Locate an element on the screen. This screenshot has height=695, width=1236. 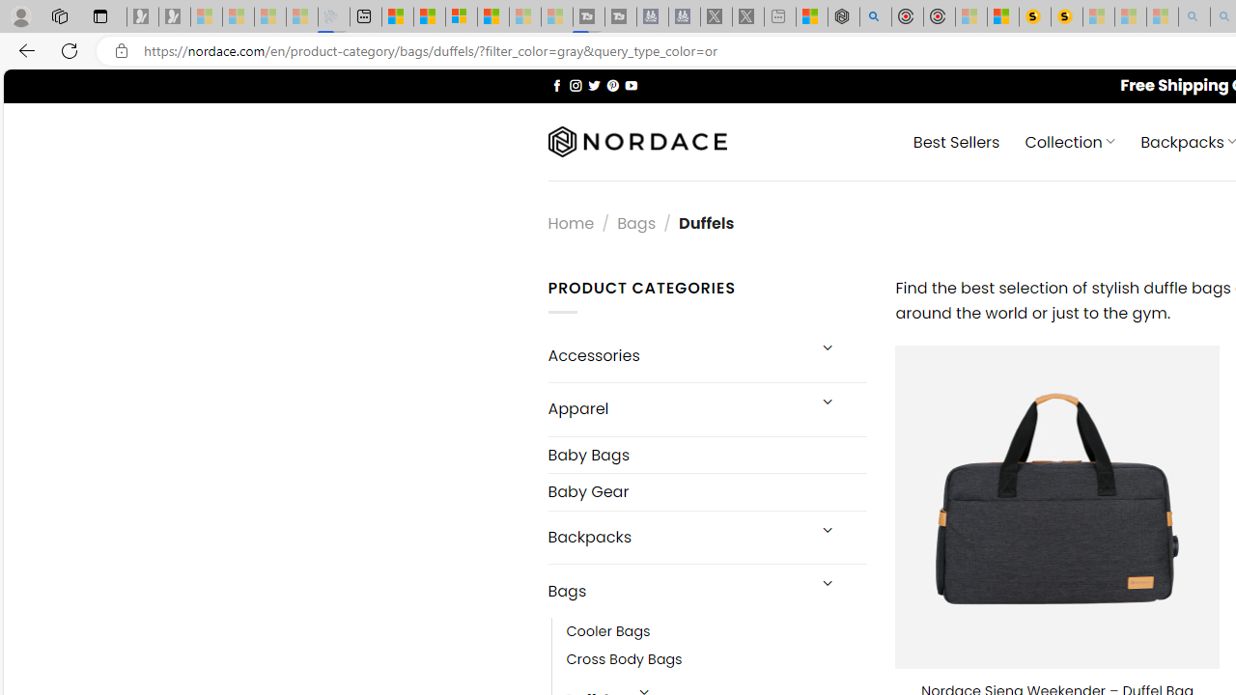
'Baby Gear' is located at coordinates (706, 491).